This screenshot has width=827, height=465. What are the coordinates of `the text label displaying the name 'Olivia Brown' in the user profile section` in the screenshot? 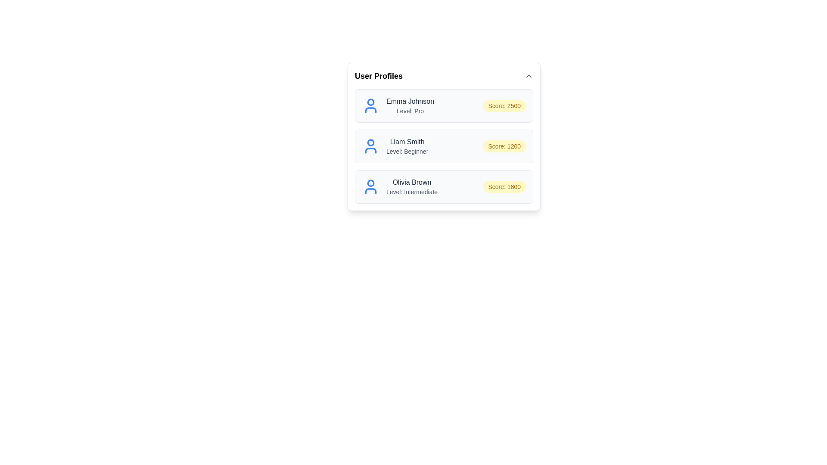 It's located at (411, 182).